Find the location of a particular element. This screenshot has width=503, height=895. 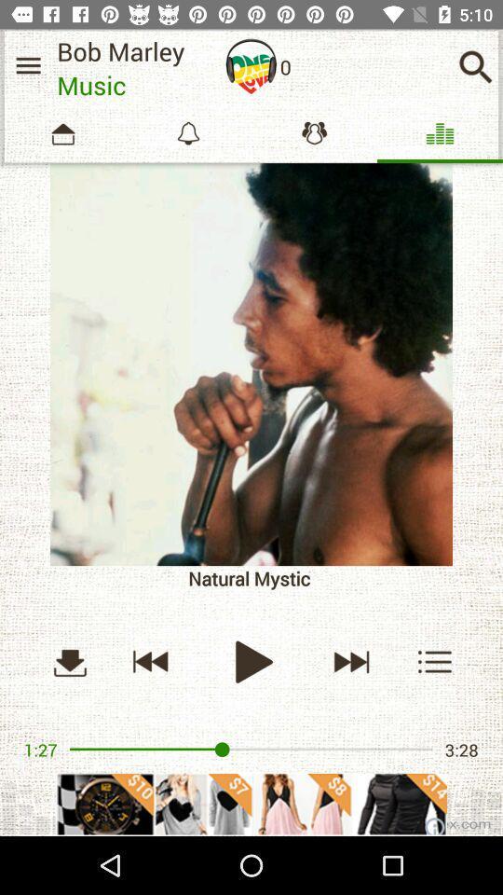

previous track is located at coordinates (150, 661).